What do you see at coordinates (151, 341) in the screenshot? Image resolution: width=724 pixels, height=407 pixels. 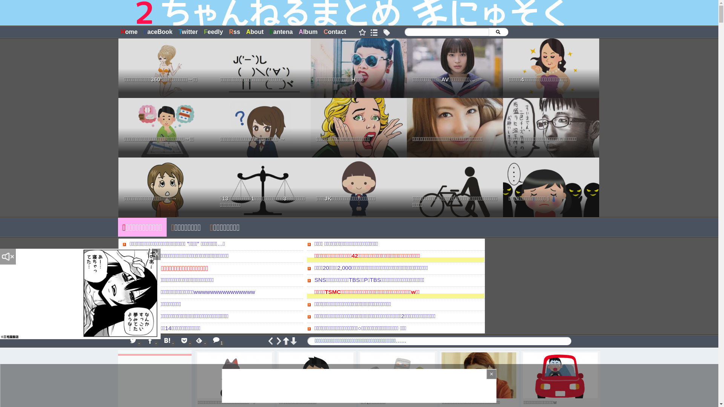 I see `'-'` at bounding box center [151, 341].